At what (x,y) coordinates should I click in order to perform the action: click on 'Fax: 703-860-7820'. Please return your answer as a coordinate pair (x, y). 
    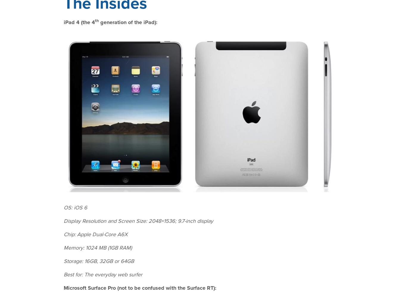
    Looking at the image, I should click on (296, 272).